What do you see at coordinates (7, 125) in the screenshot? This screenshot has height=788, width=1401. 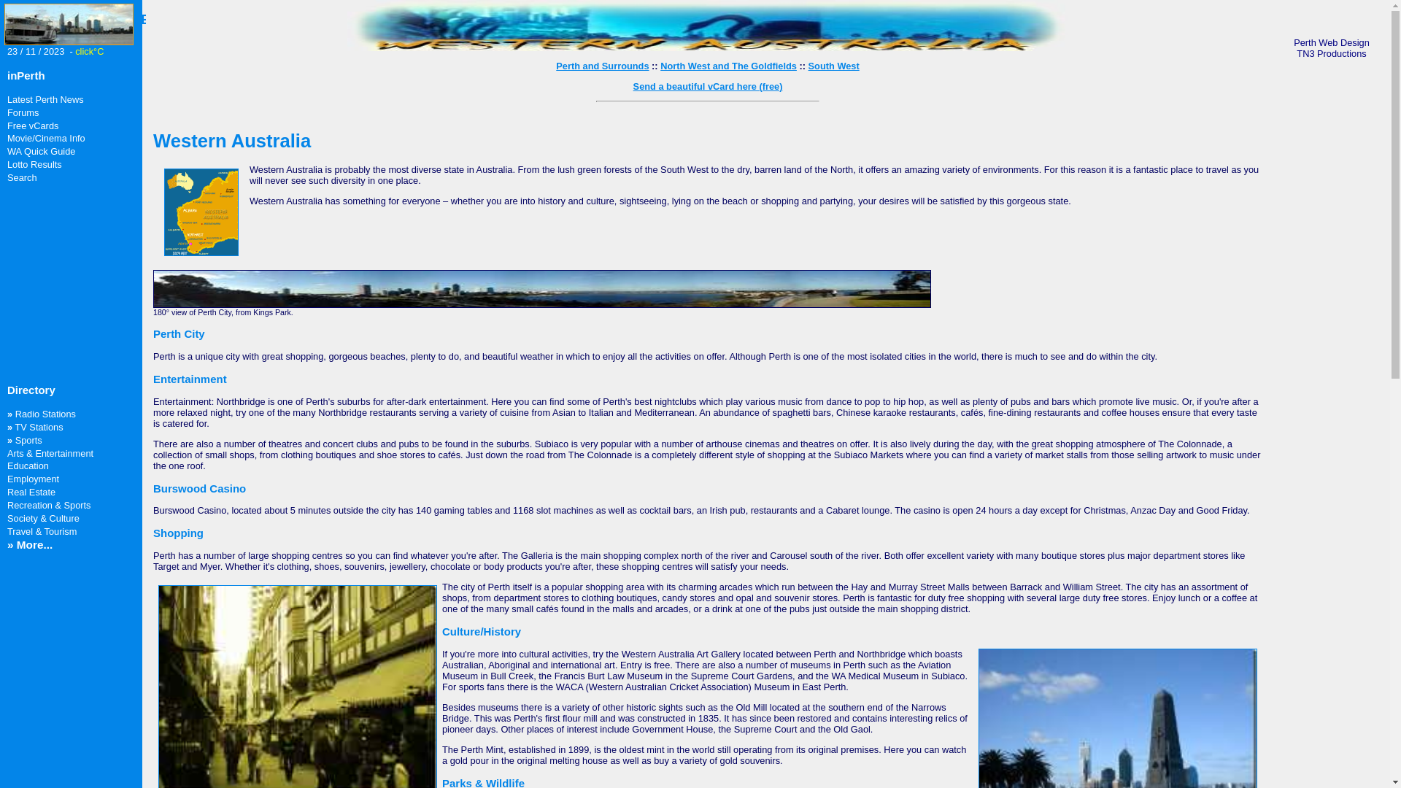 I see `'Free vCards'` at bounding box center [7, 125].